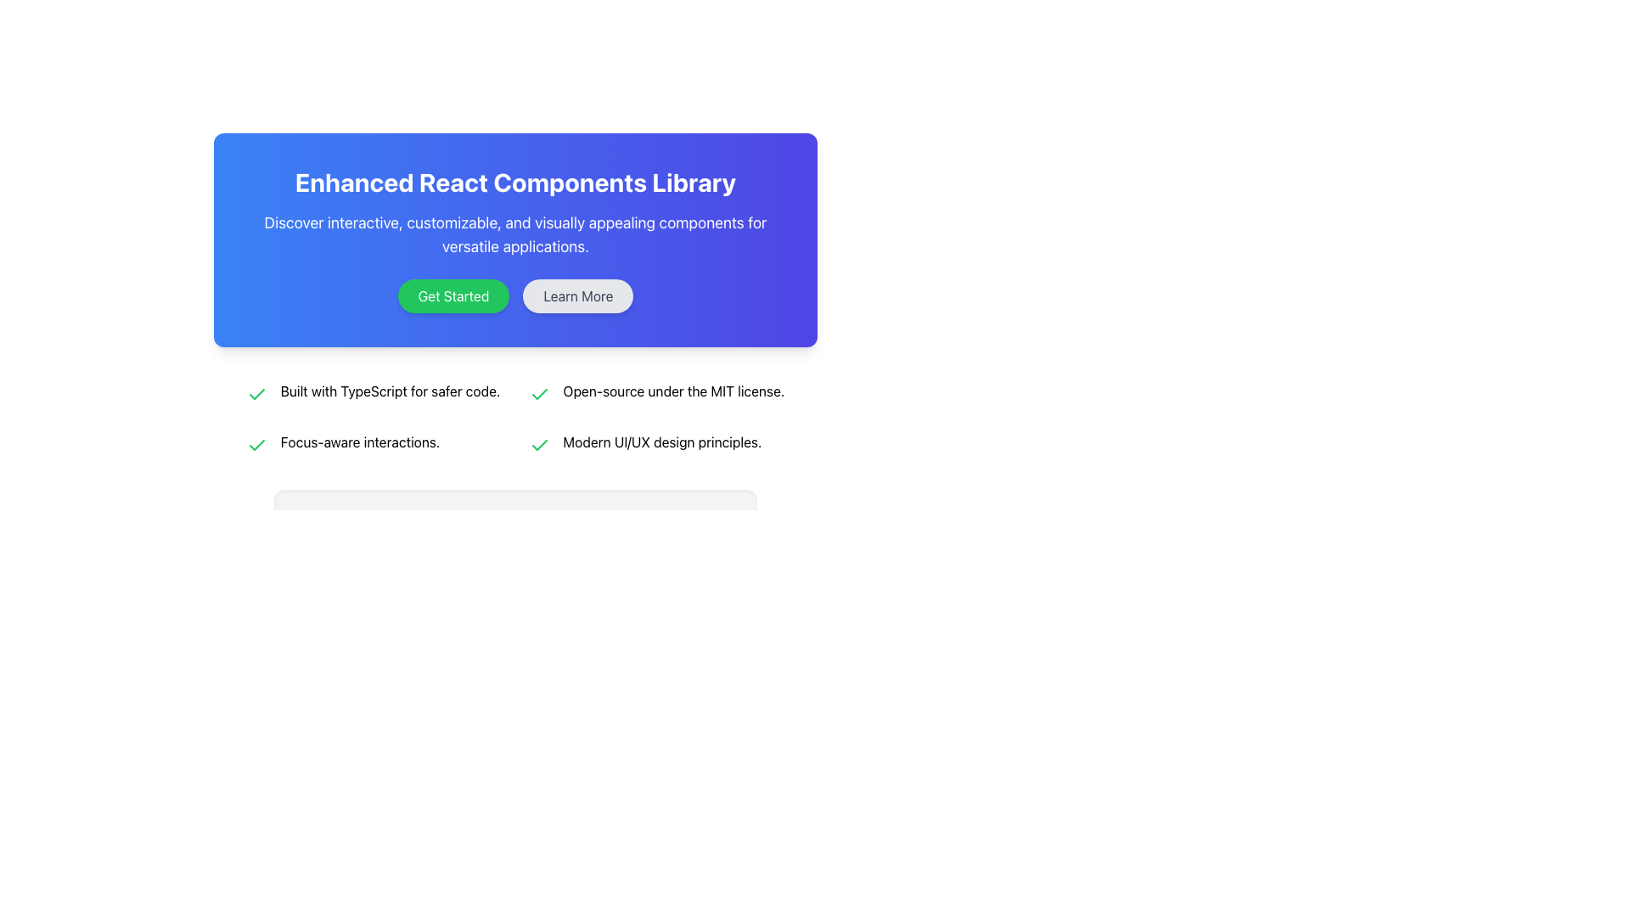 Image resolution: width=1630 pixels, height=917 pixels. What do you see at coordinates (359, 441) in the screenshot?
I see `text label displaying 'Focus-aware interactions.' which is the second entry in a feature list, located to the right of a green checkmark icon` at bounding box center [359, 441].